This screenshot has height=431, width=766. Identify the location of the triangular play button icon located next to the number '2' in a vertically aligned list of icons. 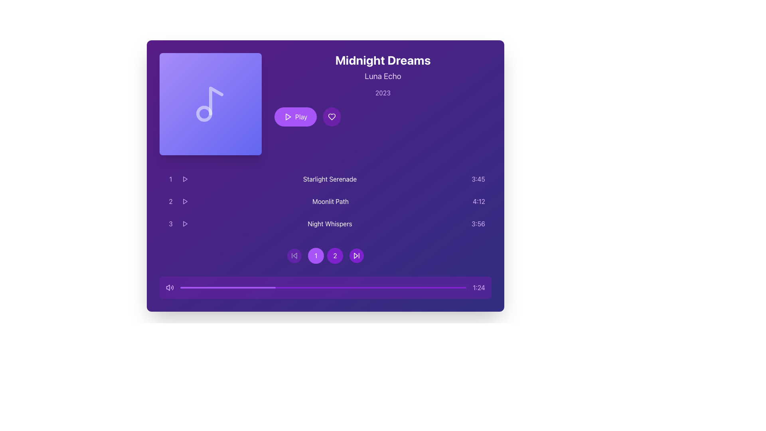
(185, 201).